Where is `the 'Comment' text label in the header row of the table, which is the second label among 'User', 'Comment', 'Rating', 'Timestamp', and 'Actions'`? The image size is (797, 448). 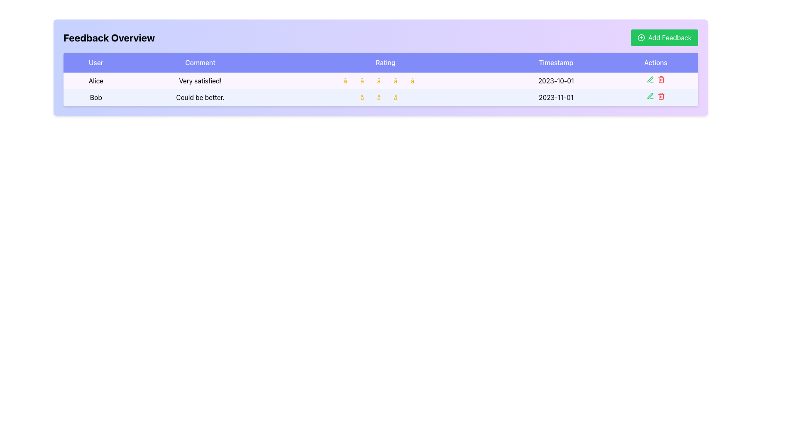 the 'Comment' text label in the header row of the table, which is the second label among 'User', 'Comment', 'Rating', 'Timestamp', and 'Actions' is located at coordinates (200, 62).